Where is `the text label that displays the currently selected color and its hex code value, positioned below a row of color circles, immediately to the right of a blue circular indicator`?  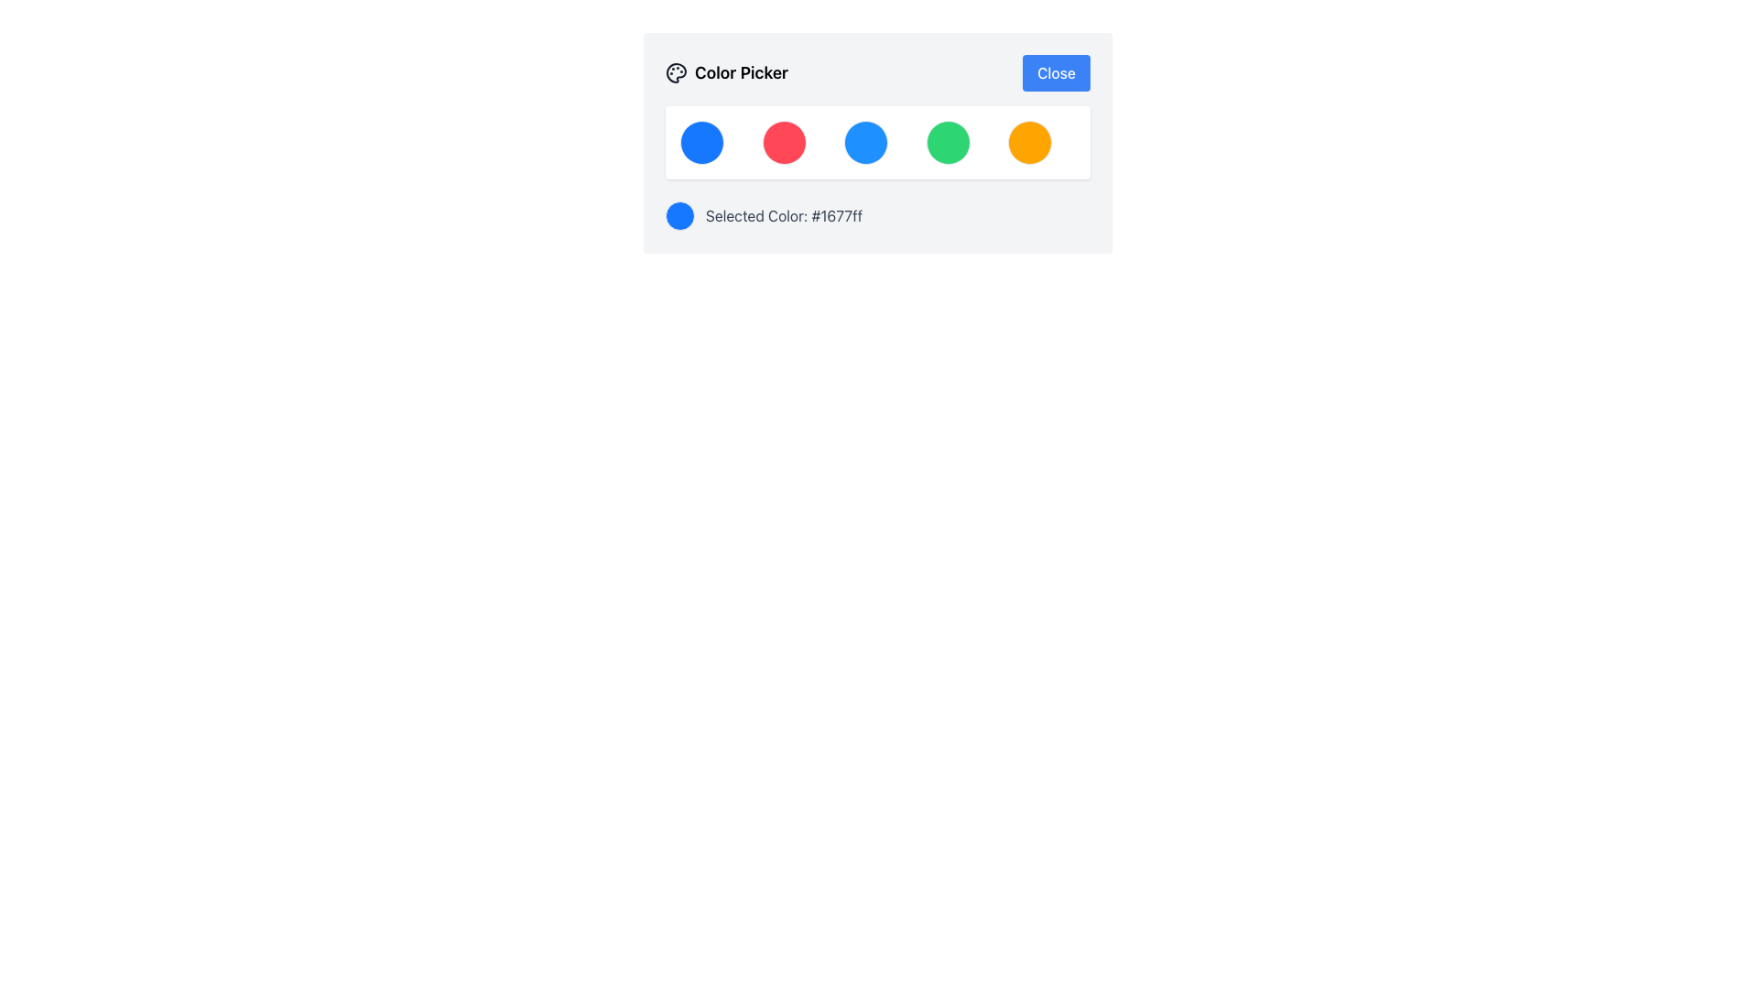
the text label that displays the currently selected color and its hex code value, positioned below a row of color circles, immediately to the right of a blue circular indicator is located at coordinates (784, 214).